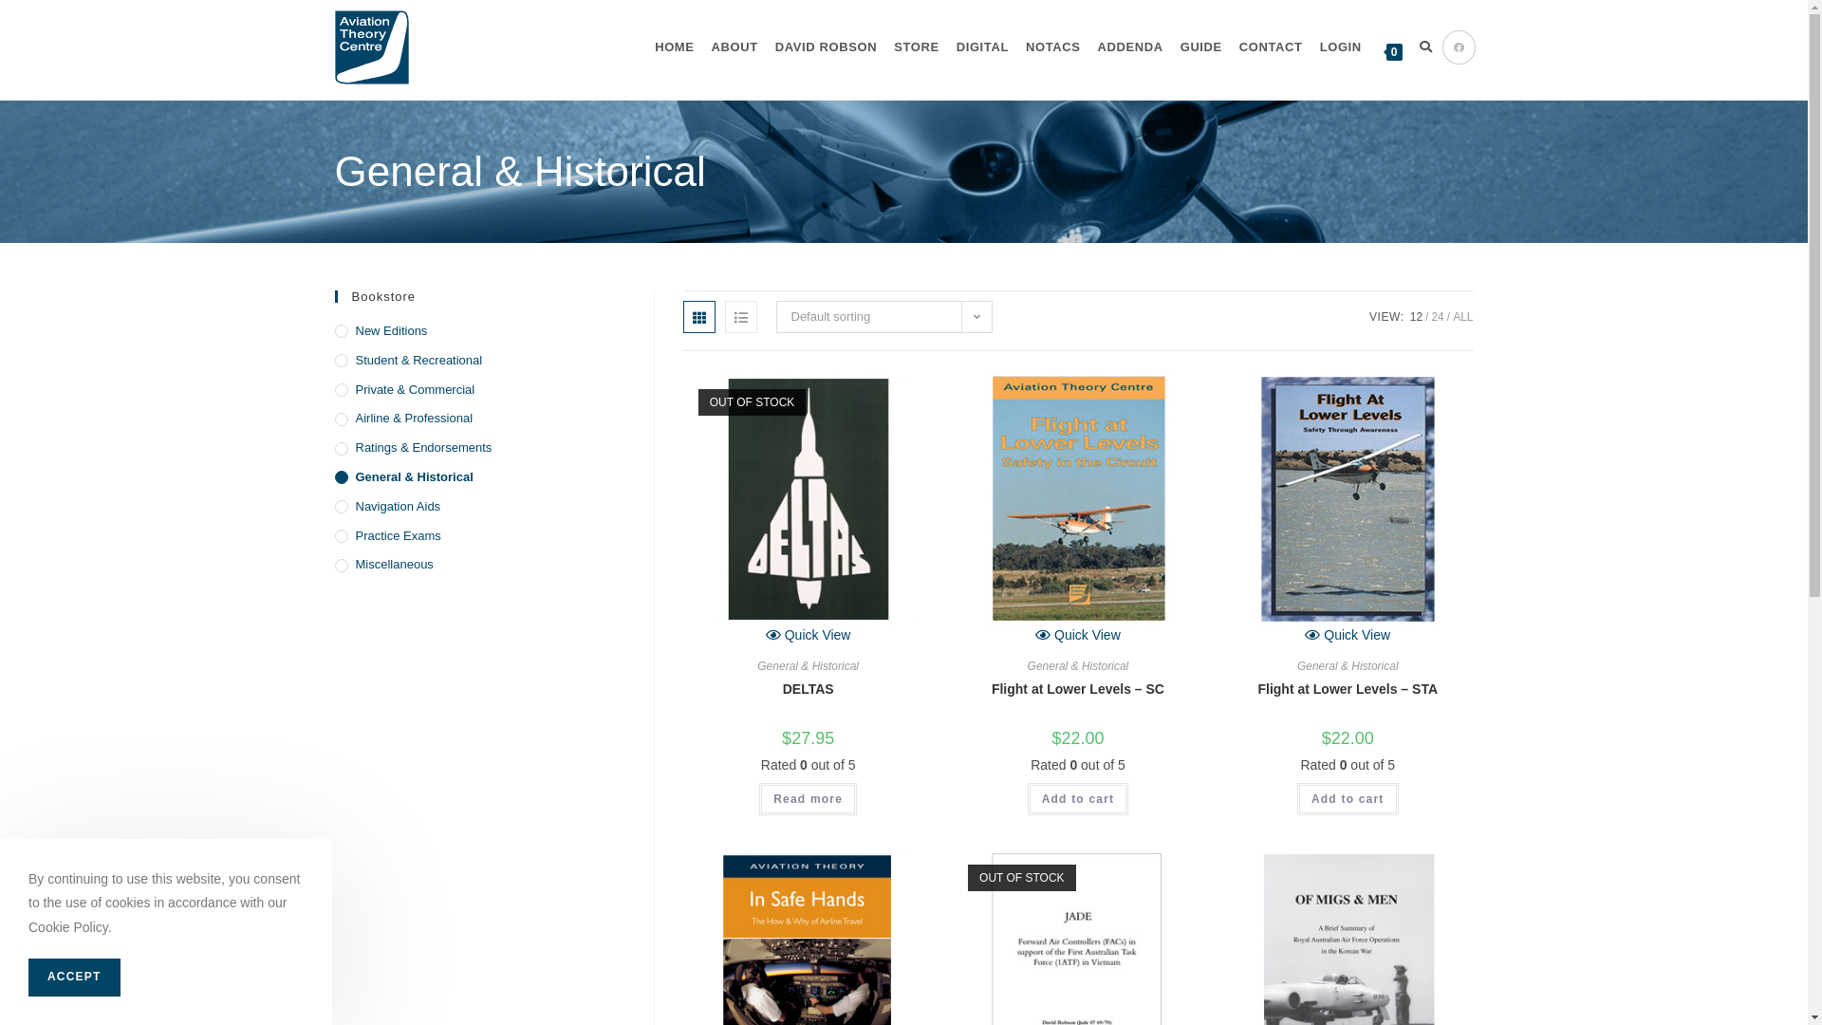 The height and width of the screenshot is (1025, 1822). Describe the element at coordinates (808, 798) in the screenshot. I see `'Read more'` at that location.